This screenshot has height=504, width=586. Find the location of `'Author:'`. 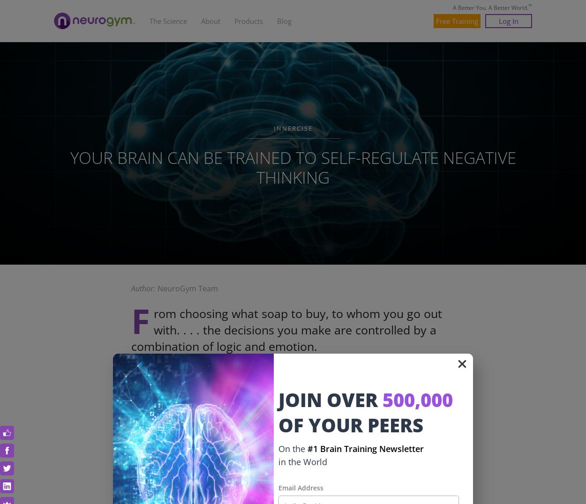

'Author:' is located at coordinates (143, 289).